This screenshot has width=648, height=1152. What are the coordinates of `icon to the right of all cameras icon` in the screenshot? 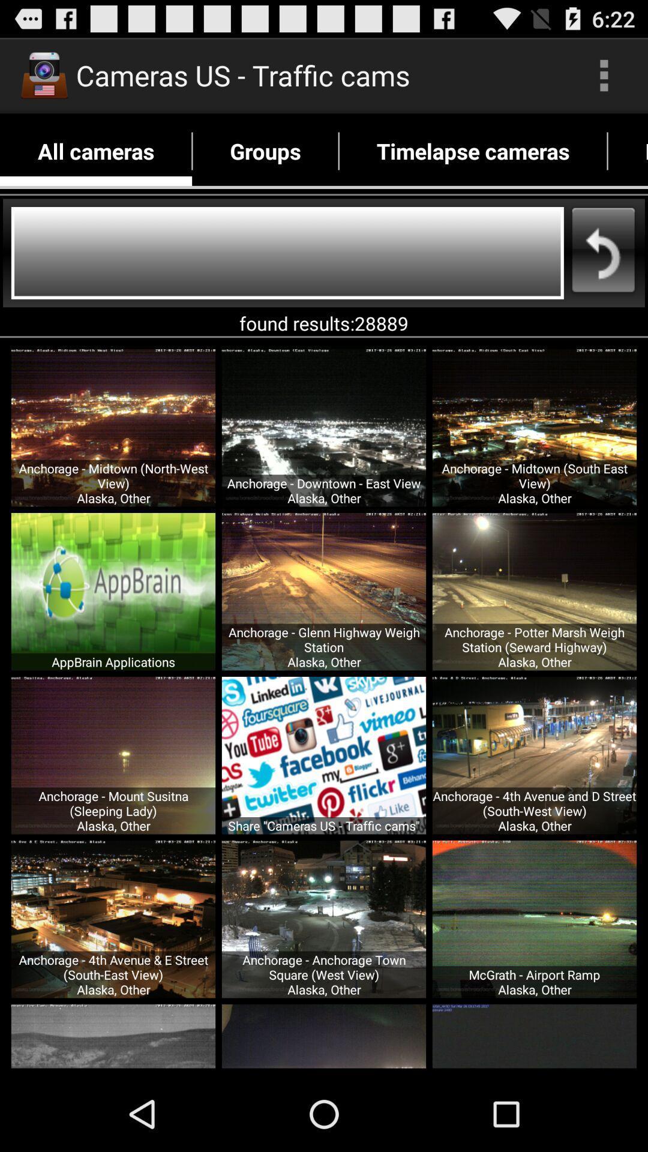 It's located at (265, 151).